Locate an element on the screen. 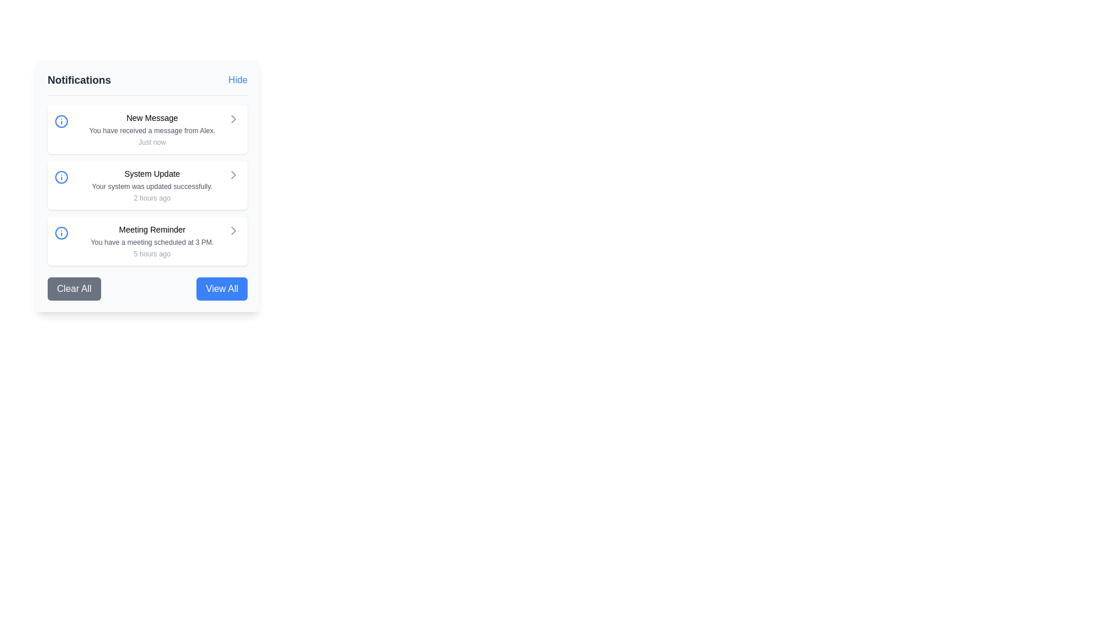  the icon in the upper-right corner of the 'New Message' notification card is located at coordinates (233, 119).